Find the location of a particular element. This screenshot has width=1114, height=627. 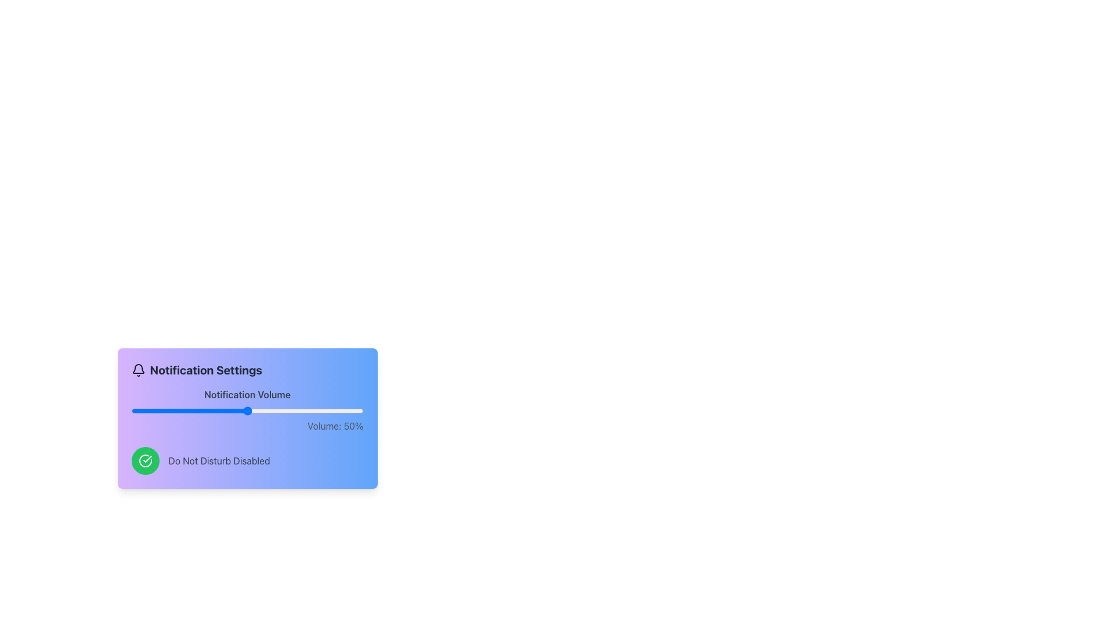

the notification volume is located at coordinates (154, 410).